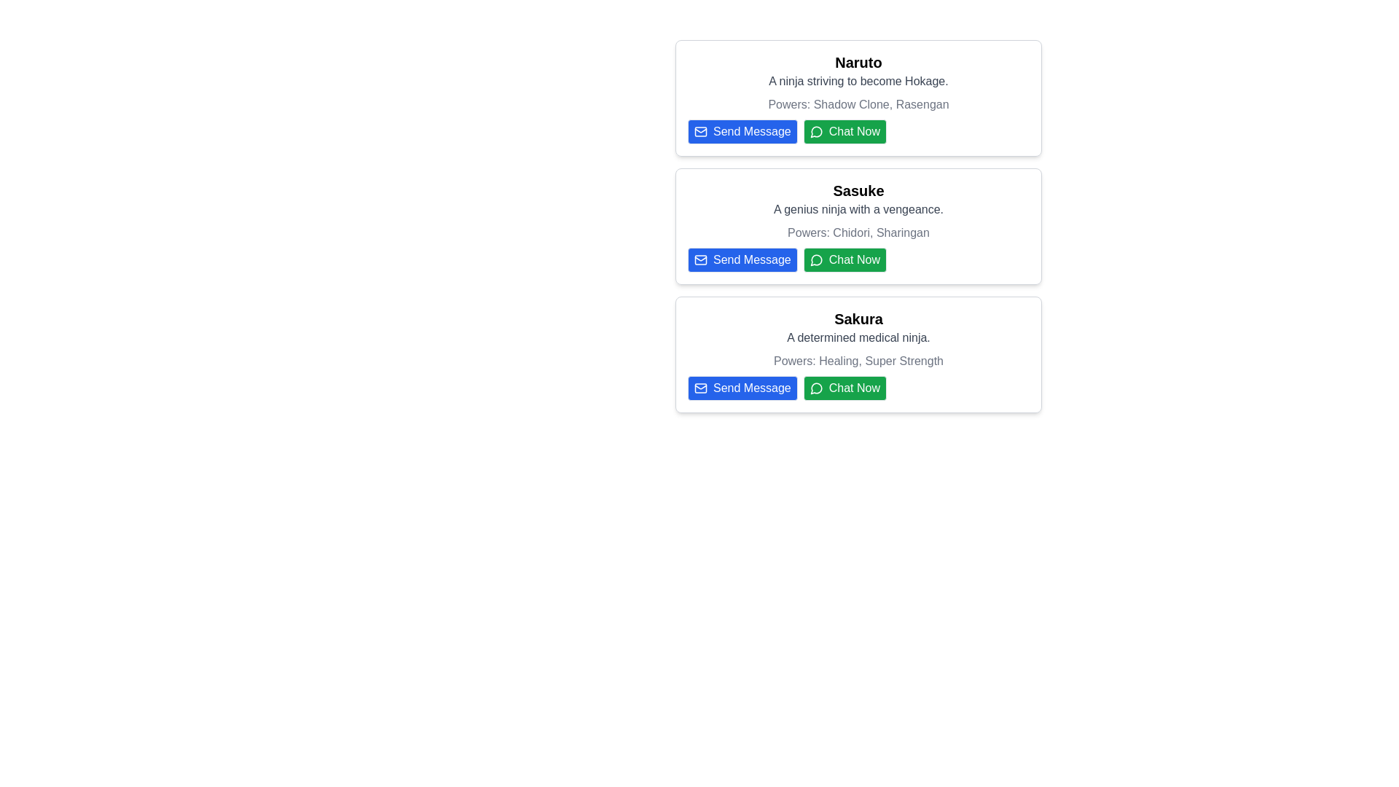 The height and width of the screenshot is (787, 1399). What do you see at coordinates (742, 259) in the screenshot?
I see `the 'Send Message' button, which is a blue rectangular button with white text and an envelope icon on the left side, to initiate its action` at bounding box center [742, 259].